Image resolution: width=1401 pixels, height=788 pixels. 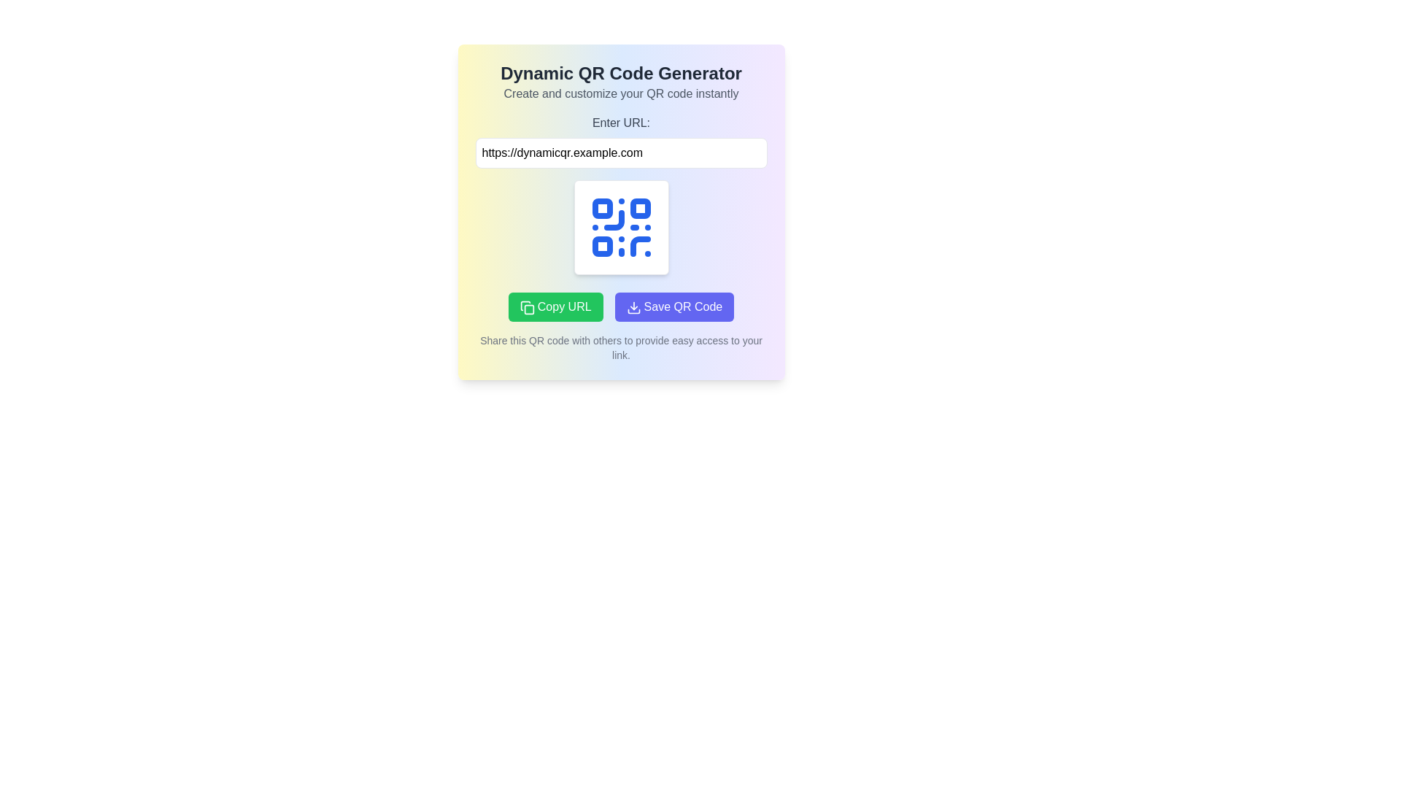 What do you see at coordinates (621, 306) in the screenshot?
I see `the 'Save QR Code' button in the button group located at the bottom center of the 'Dynamic QR Code Generator' interface, which is purple with a download icon` at bounding box center [621, 306].